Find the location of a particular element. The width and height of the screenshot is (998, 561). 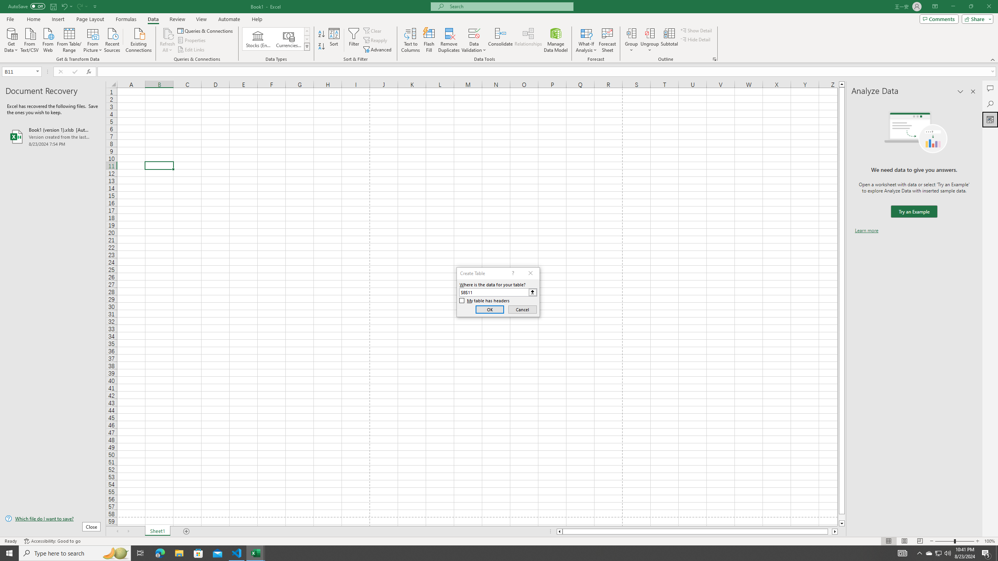

'Currencies (English)' is located at coordinates (288, 39).